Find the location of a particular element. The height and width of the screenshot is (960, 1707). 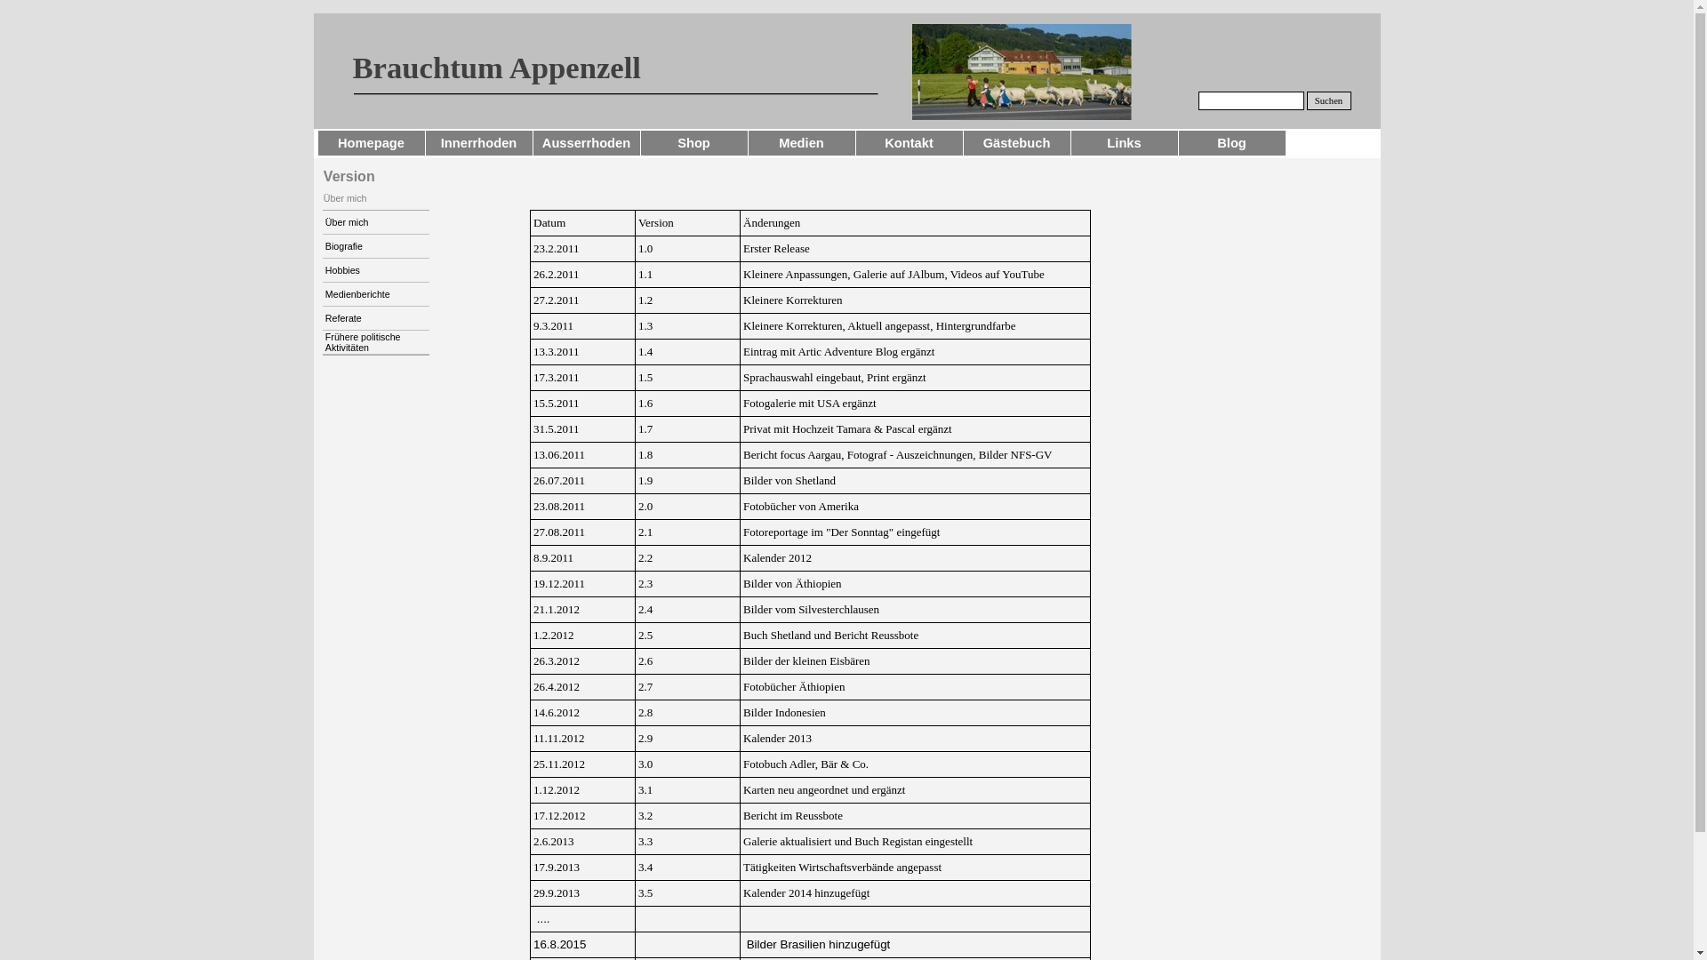

'Medienberichte' is located at coordinates (374, 293).